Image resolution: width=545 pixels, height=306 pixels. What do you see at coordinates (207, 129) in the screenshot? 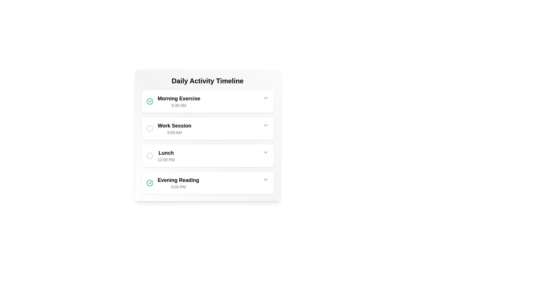
I see `the 'Work Session' card in the 'Daily Activity Timeline' list` at bounding box center [207, 129].